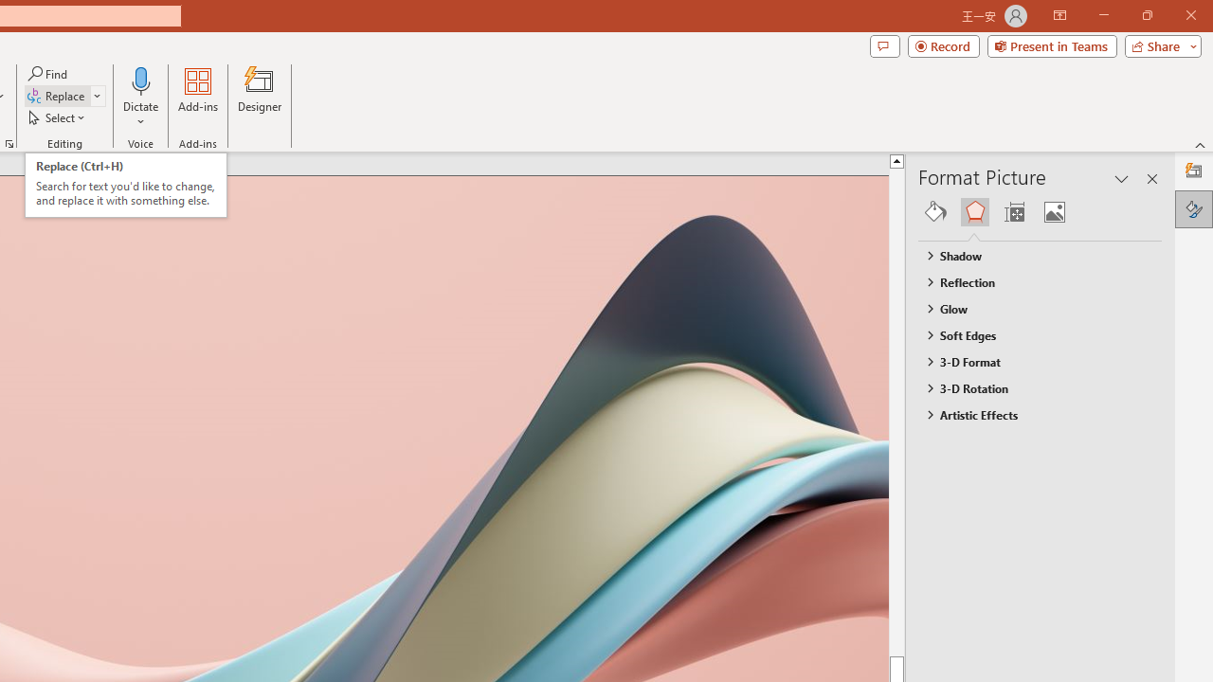 The width and height of the screenshot is (1213, 682). What do you see at coordinates (1158, 45) in the screenshot?
I see `'Share'` at bounding box center [1158, 45].